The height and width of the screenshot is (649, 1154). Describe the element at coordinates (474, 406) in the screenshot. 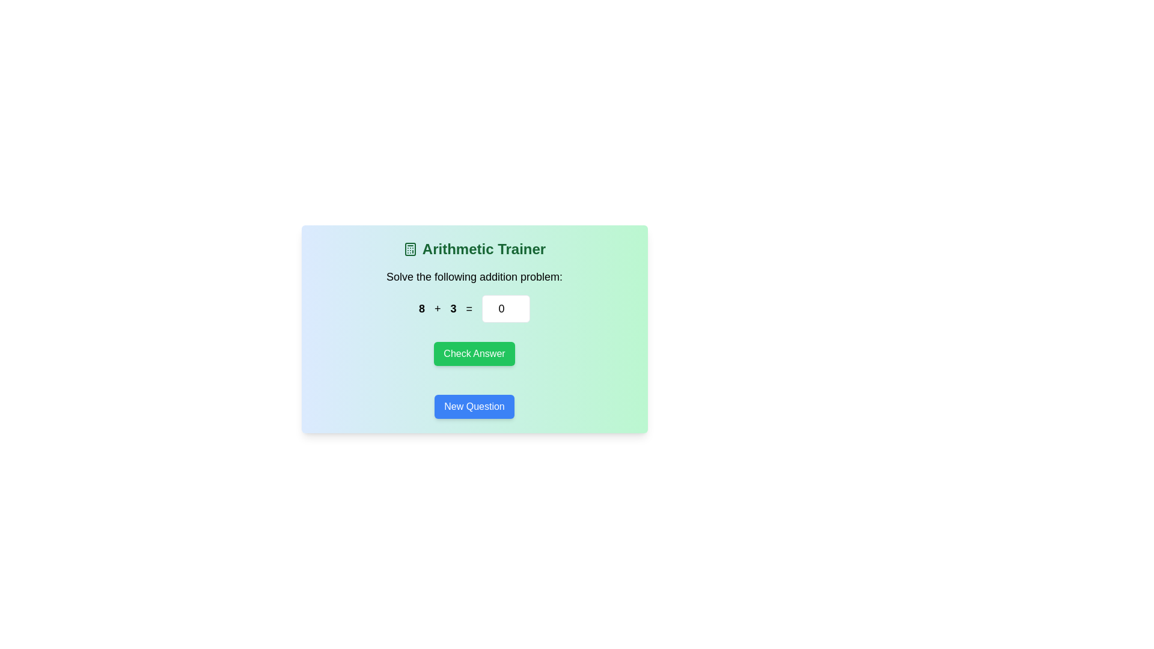

I see `the rectangular button with a blue background and white text labeled 'New Question' to observe its hover effect` at that location.